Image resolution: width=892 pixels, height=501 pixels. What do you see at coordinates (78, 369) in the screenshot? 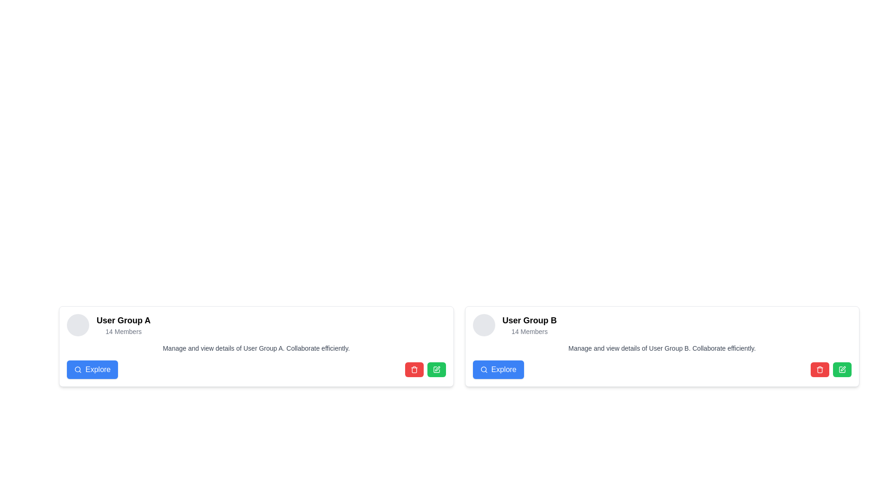
I see `the search icon located to the left of the 'Explore' button text within the card for 'User Group A'` at bounding box center [78, 369].